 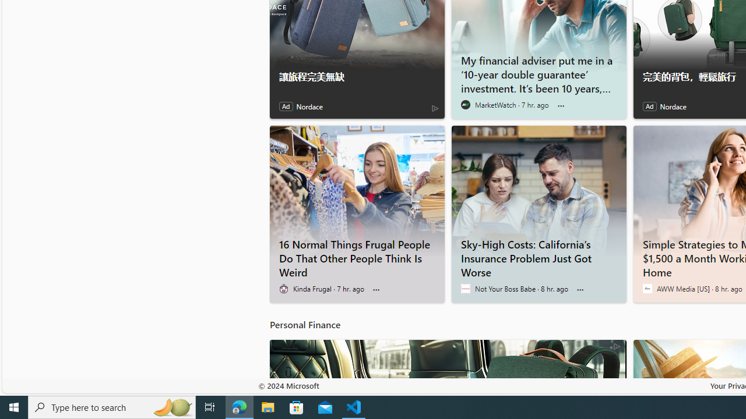 I want to click on 'AWW Media [US]', so click(x=646, y=288).